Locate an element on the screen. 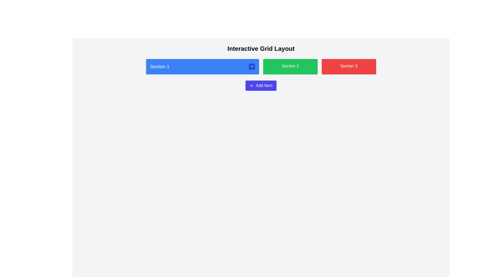 This screenshot has width=493, height=277. the 'Add Item' button is located at coordinates (261, 85).